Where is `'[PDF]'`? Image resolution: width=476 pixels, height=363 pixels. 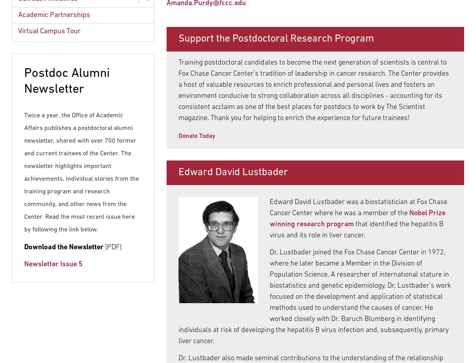
'[PDF]' is located at coordinates (104, 247).